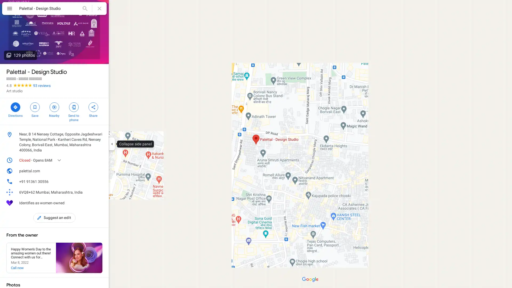  Describe the element at coordinates (100, 171) in the screenshot. I see `Copy website` at that location.